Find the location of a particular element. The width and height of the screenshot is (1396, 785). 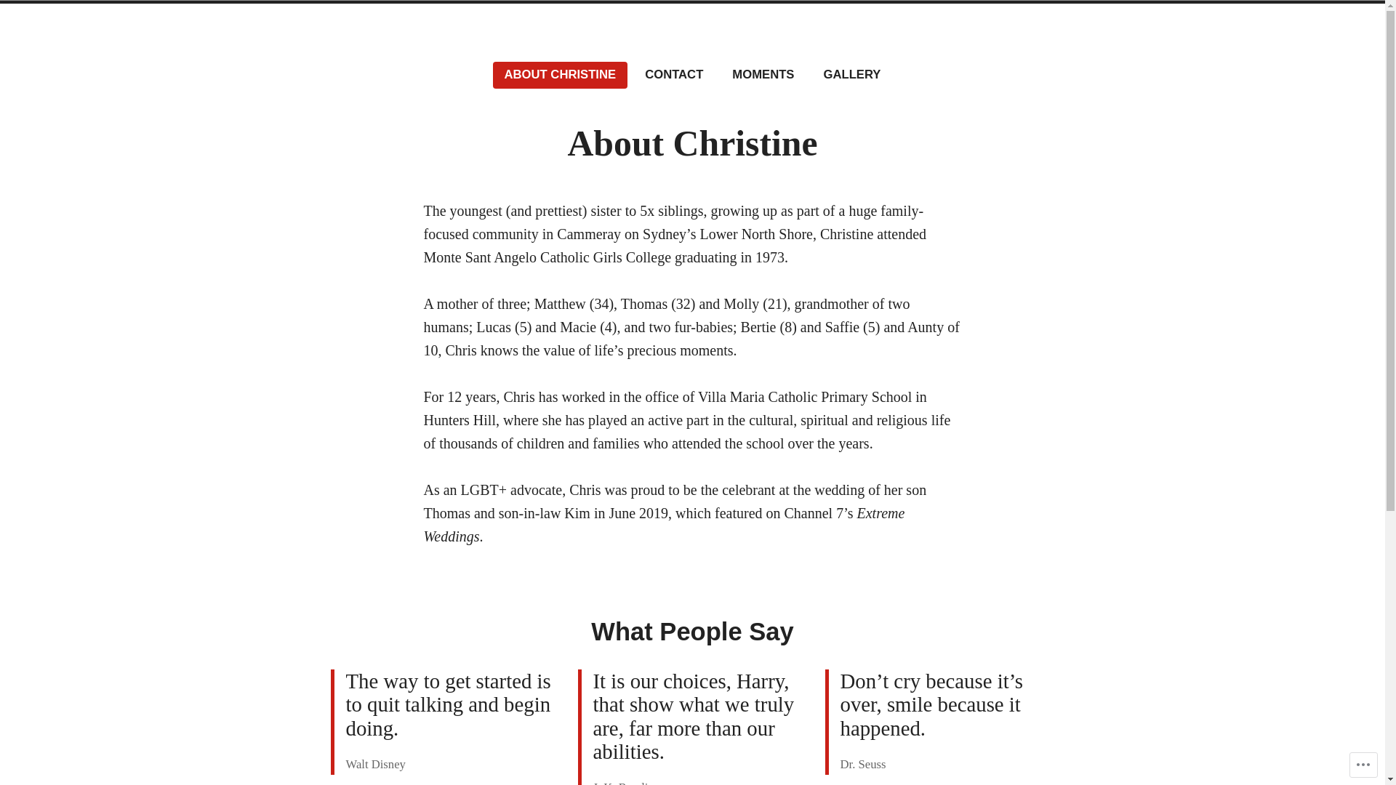

'CONTACT' is located at coordinates (673, 75).